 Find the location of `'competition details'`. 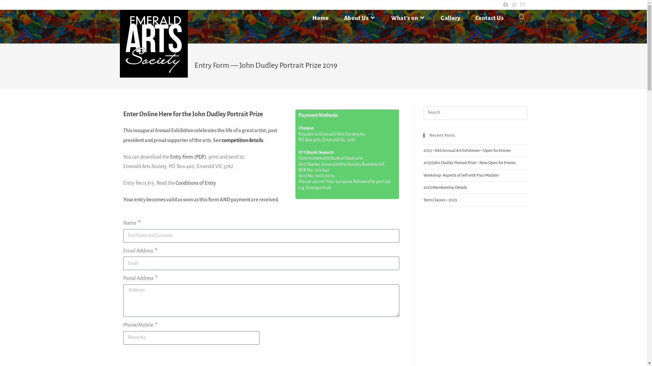

'competition details' is located at coordinates (221, 140).